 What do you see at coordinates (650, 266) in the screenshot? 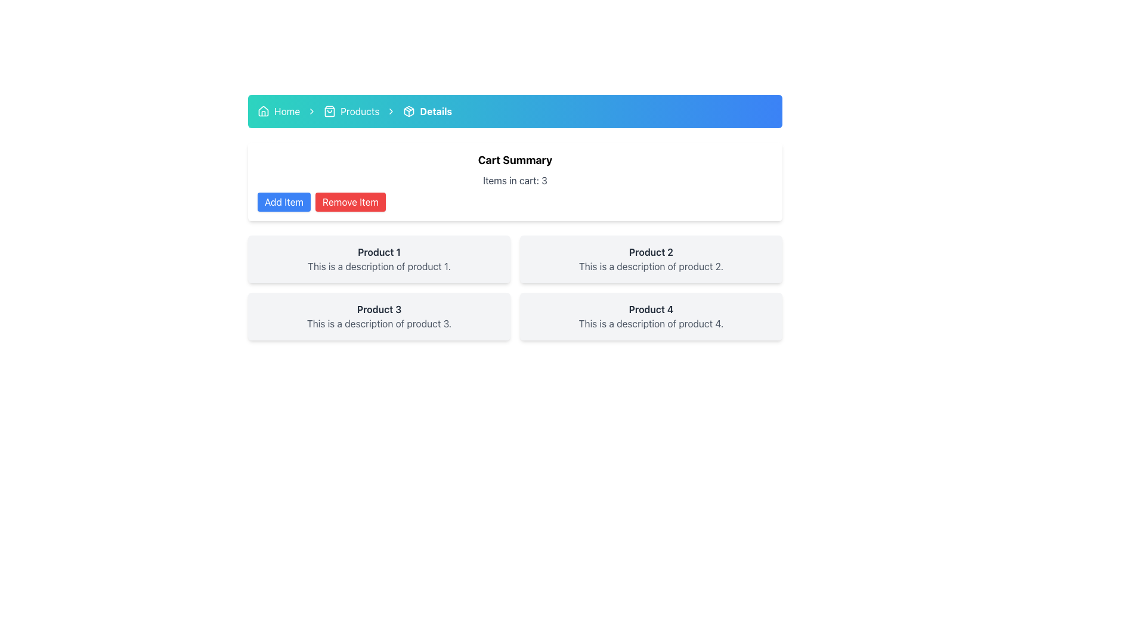
I see `the non-interactive Text Label that provides supplementary information for 'Product 2'` at bounding box center [650, 266].